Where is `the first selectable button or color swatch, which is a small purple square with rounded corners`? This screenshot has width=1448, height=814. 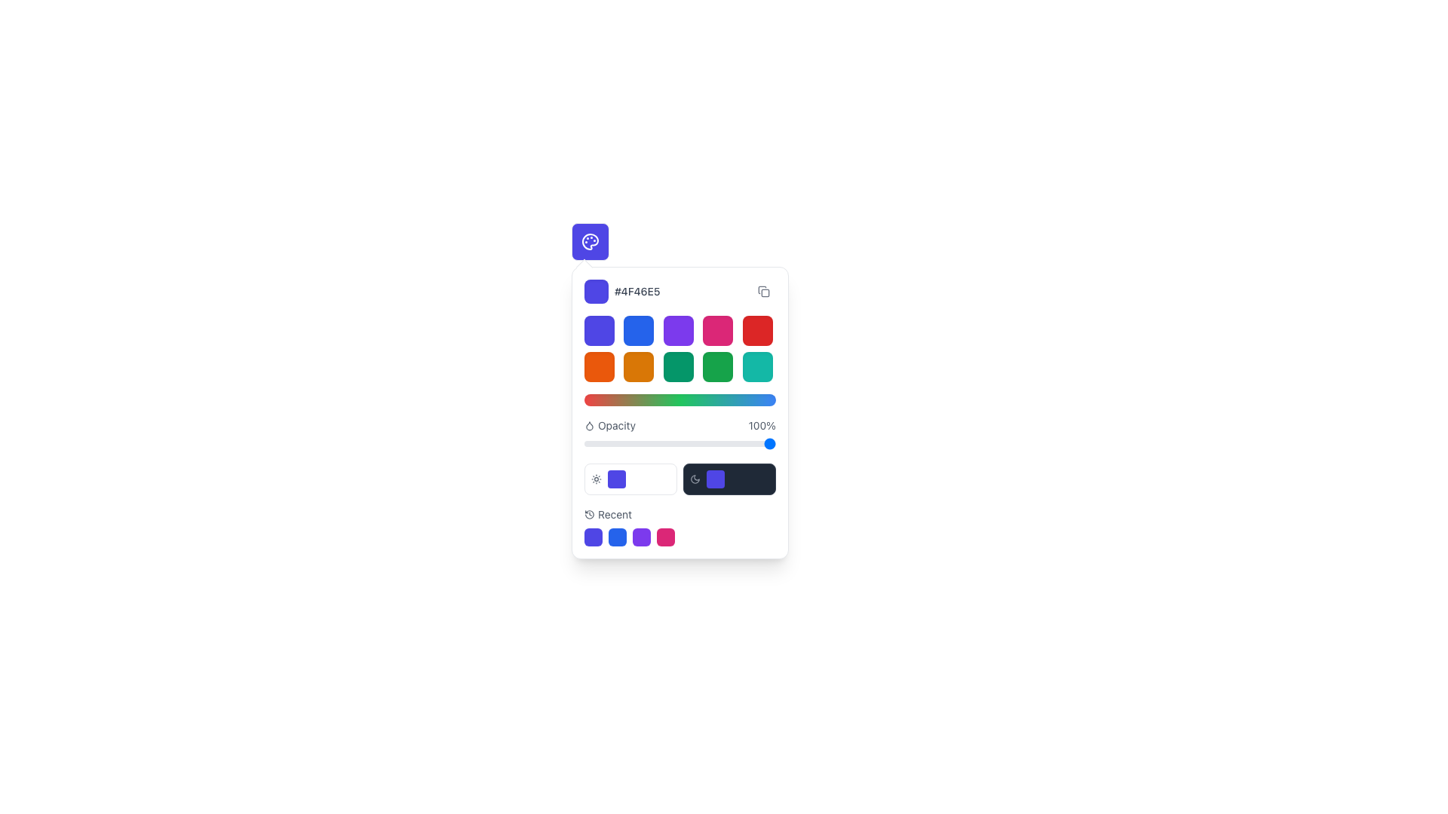 the first selectable button or color swatch, which is a small purple square with rounded corners is located at coordinates (593, 537).